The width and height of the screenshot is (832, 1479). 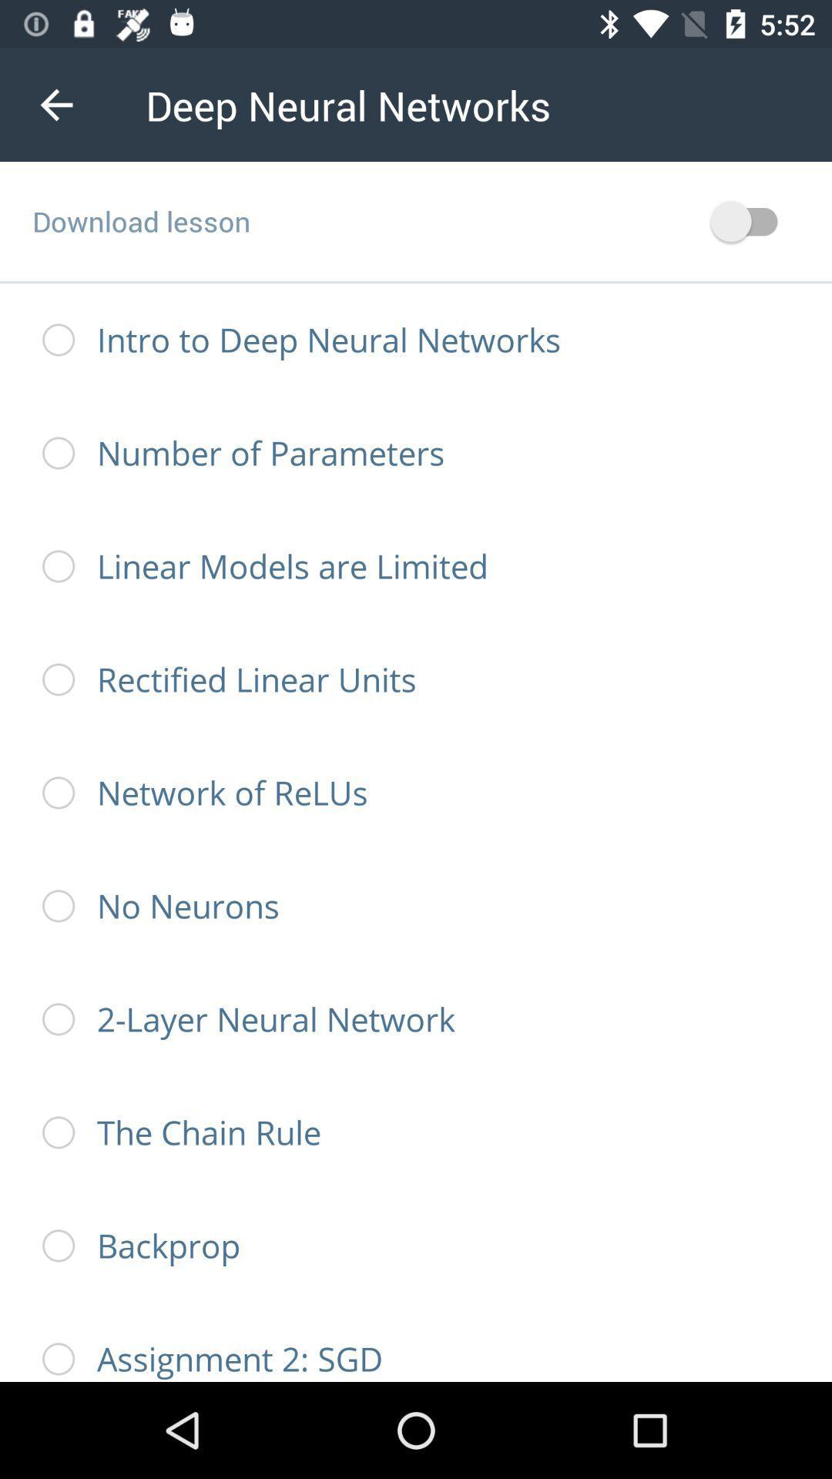 What do you see at coordinates (750, 220) in the screenshot?
I see `the item next to the download lesson item` at bounding box center [750, 220].